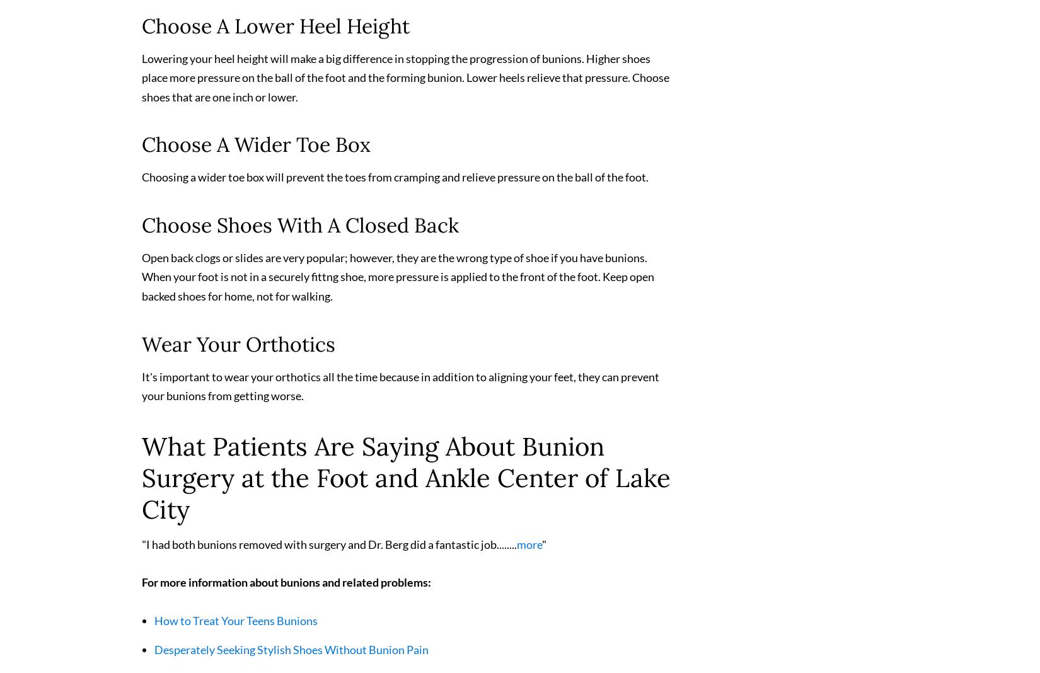 This screenshot has width=1040, height=673. I want to click on '"I had both bunions removed with surgery and Dr. Berg did a fantastic job........', so click(328, 549).